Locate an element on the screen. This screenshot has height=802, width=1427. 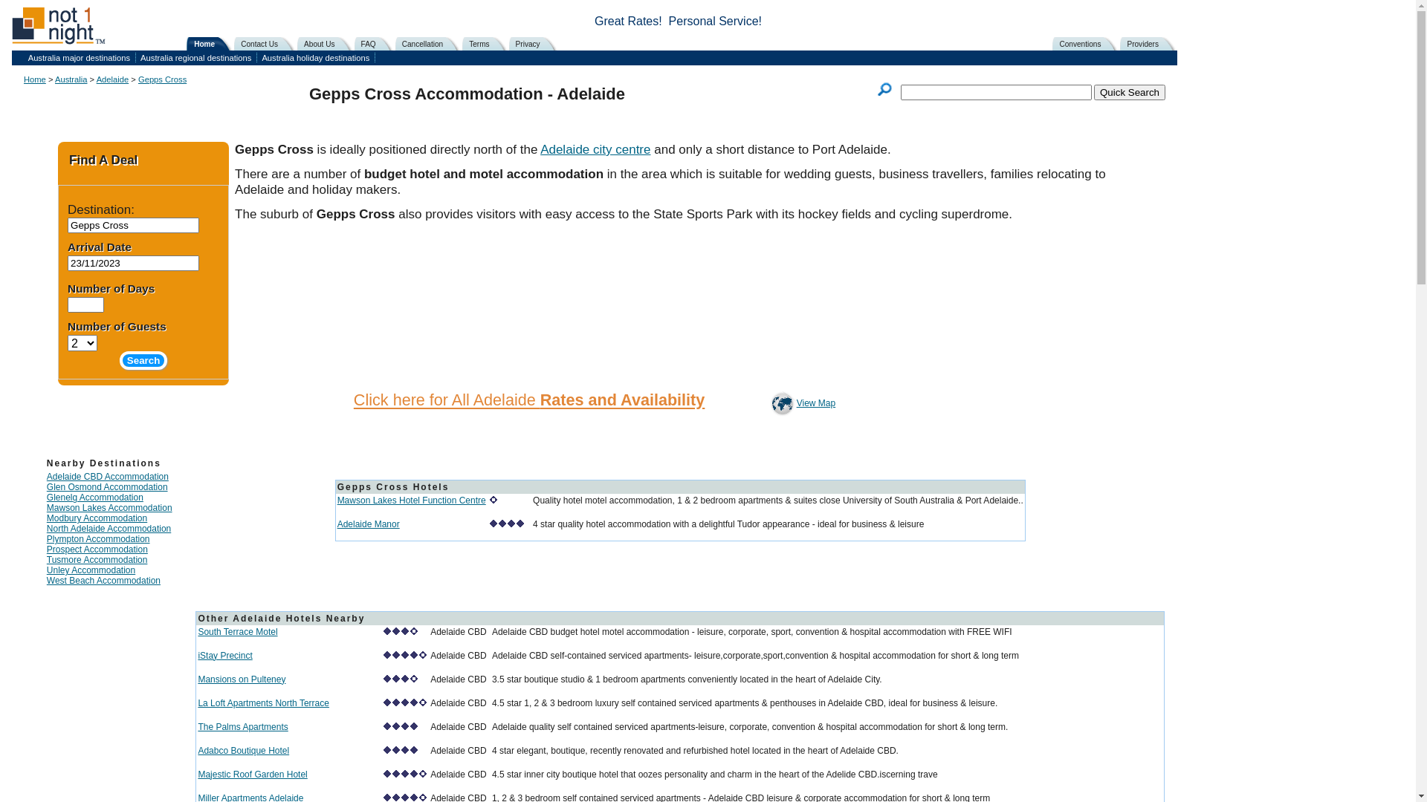
'Quick Search' is located at coordinates (1130, 92).